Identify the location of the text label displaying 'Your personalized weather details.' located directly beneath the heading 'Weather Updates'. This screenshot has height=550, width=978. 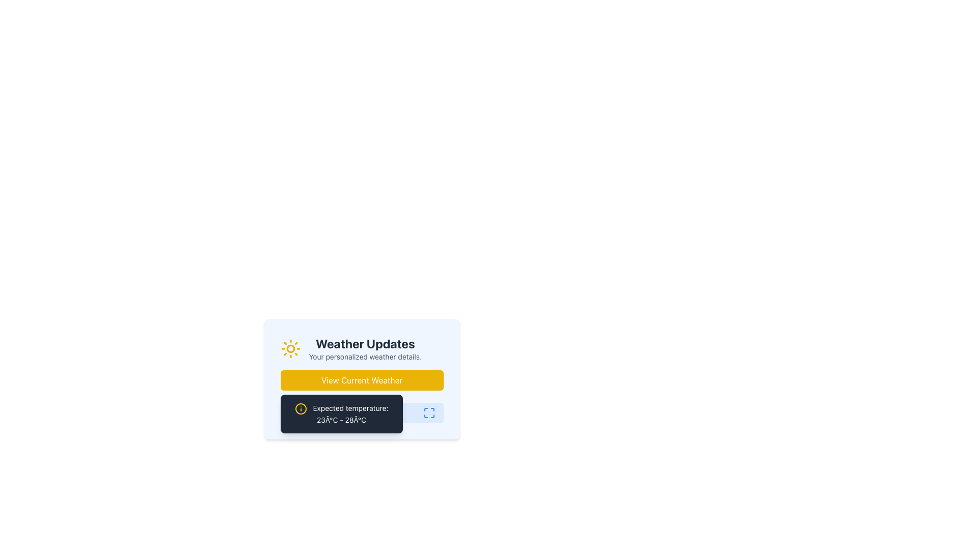
(365, 356).